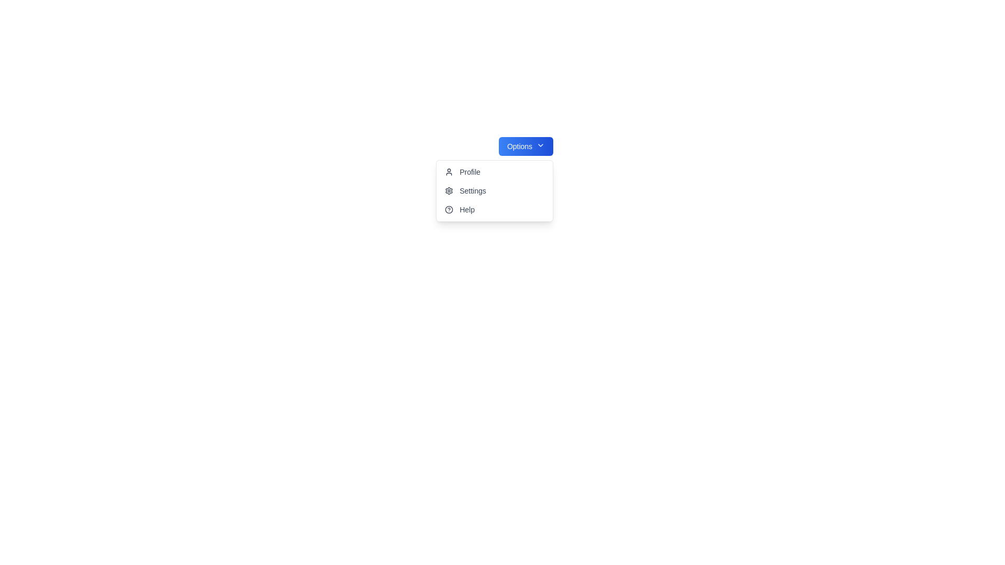  I want to click on the 'Profile' button located, so click(494, 171).